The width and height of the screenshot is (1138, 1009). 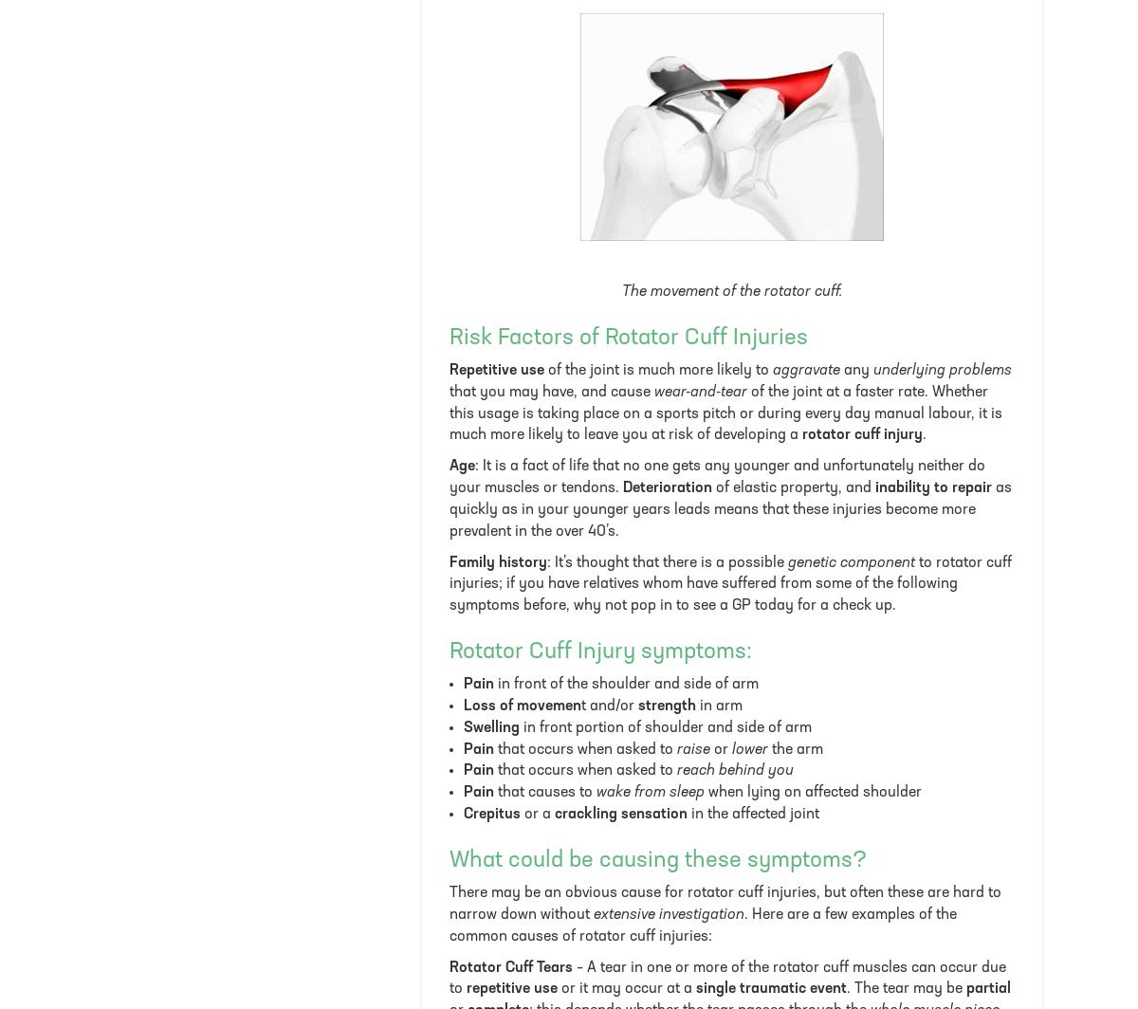 I want to click on 'strength', so click(x=667, y=705).